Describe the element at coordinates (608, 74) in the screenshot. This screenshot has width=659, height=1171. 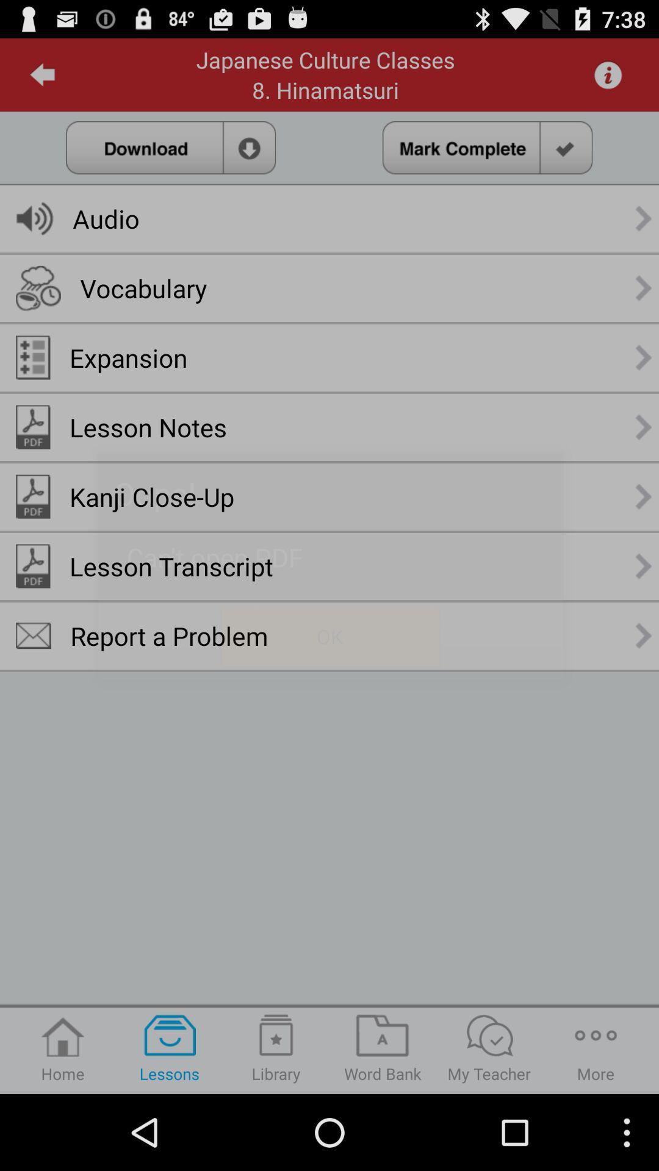
I see `the icon to the right of the japanese culture classes item` at that location.